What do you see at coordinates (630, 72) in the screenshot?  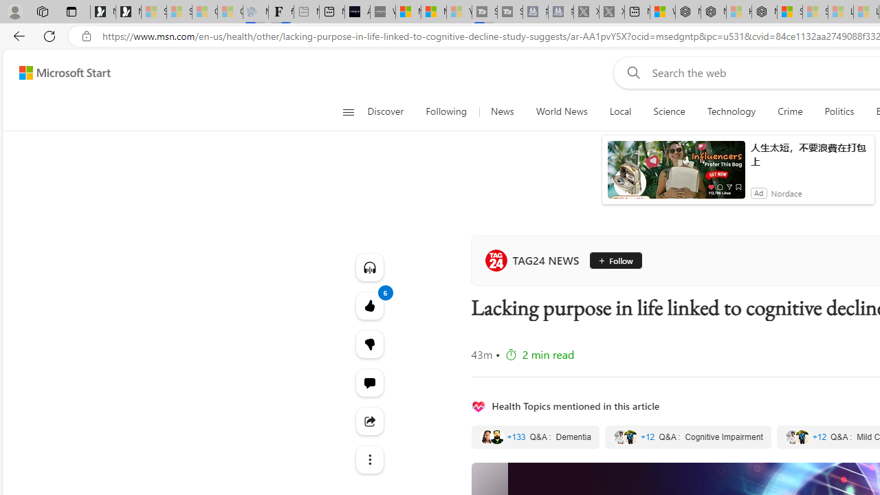 I see `'Web search'` at bounding box center [630, 72].